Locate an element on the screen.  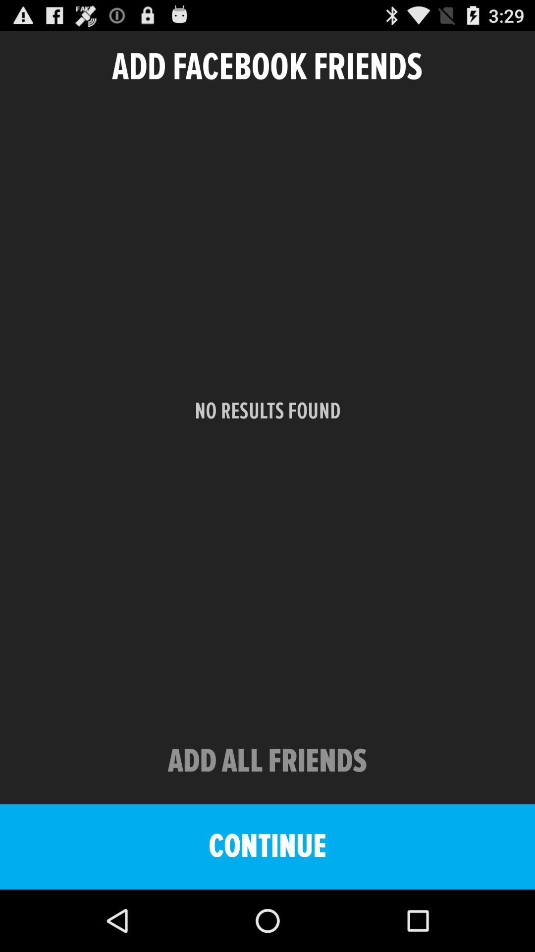
continue item is located at coordinates (267, 846).